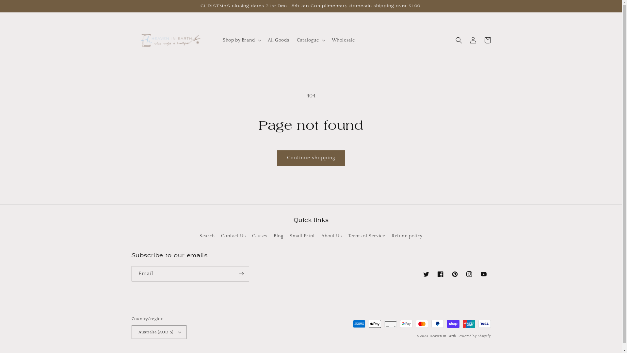 This screenshot has width=627, height=353. Describe the element at coordinates (331, 236) in the screenshot. I see `'About Us'` at that location.